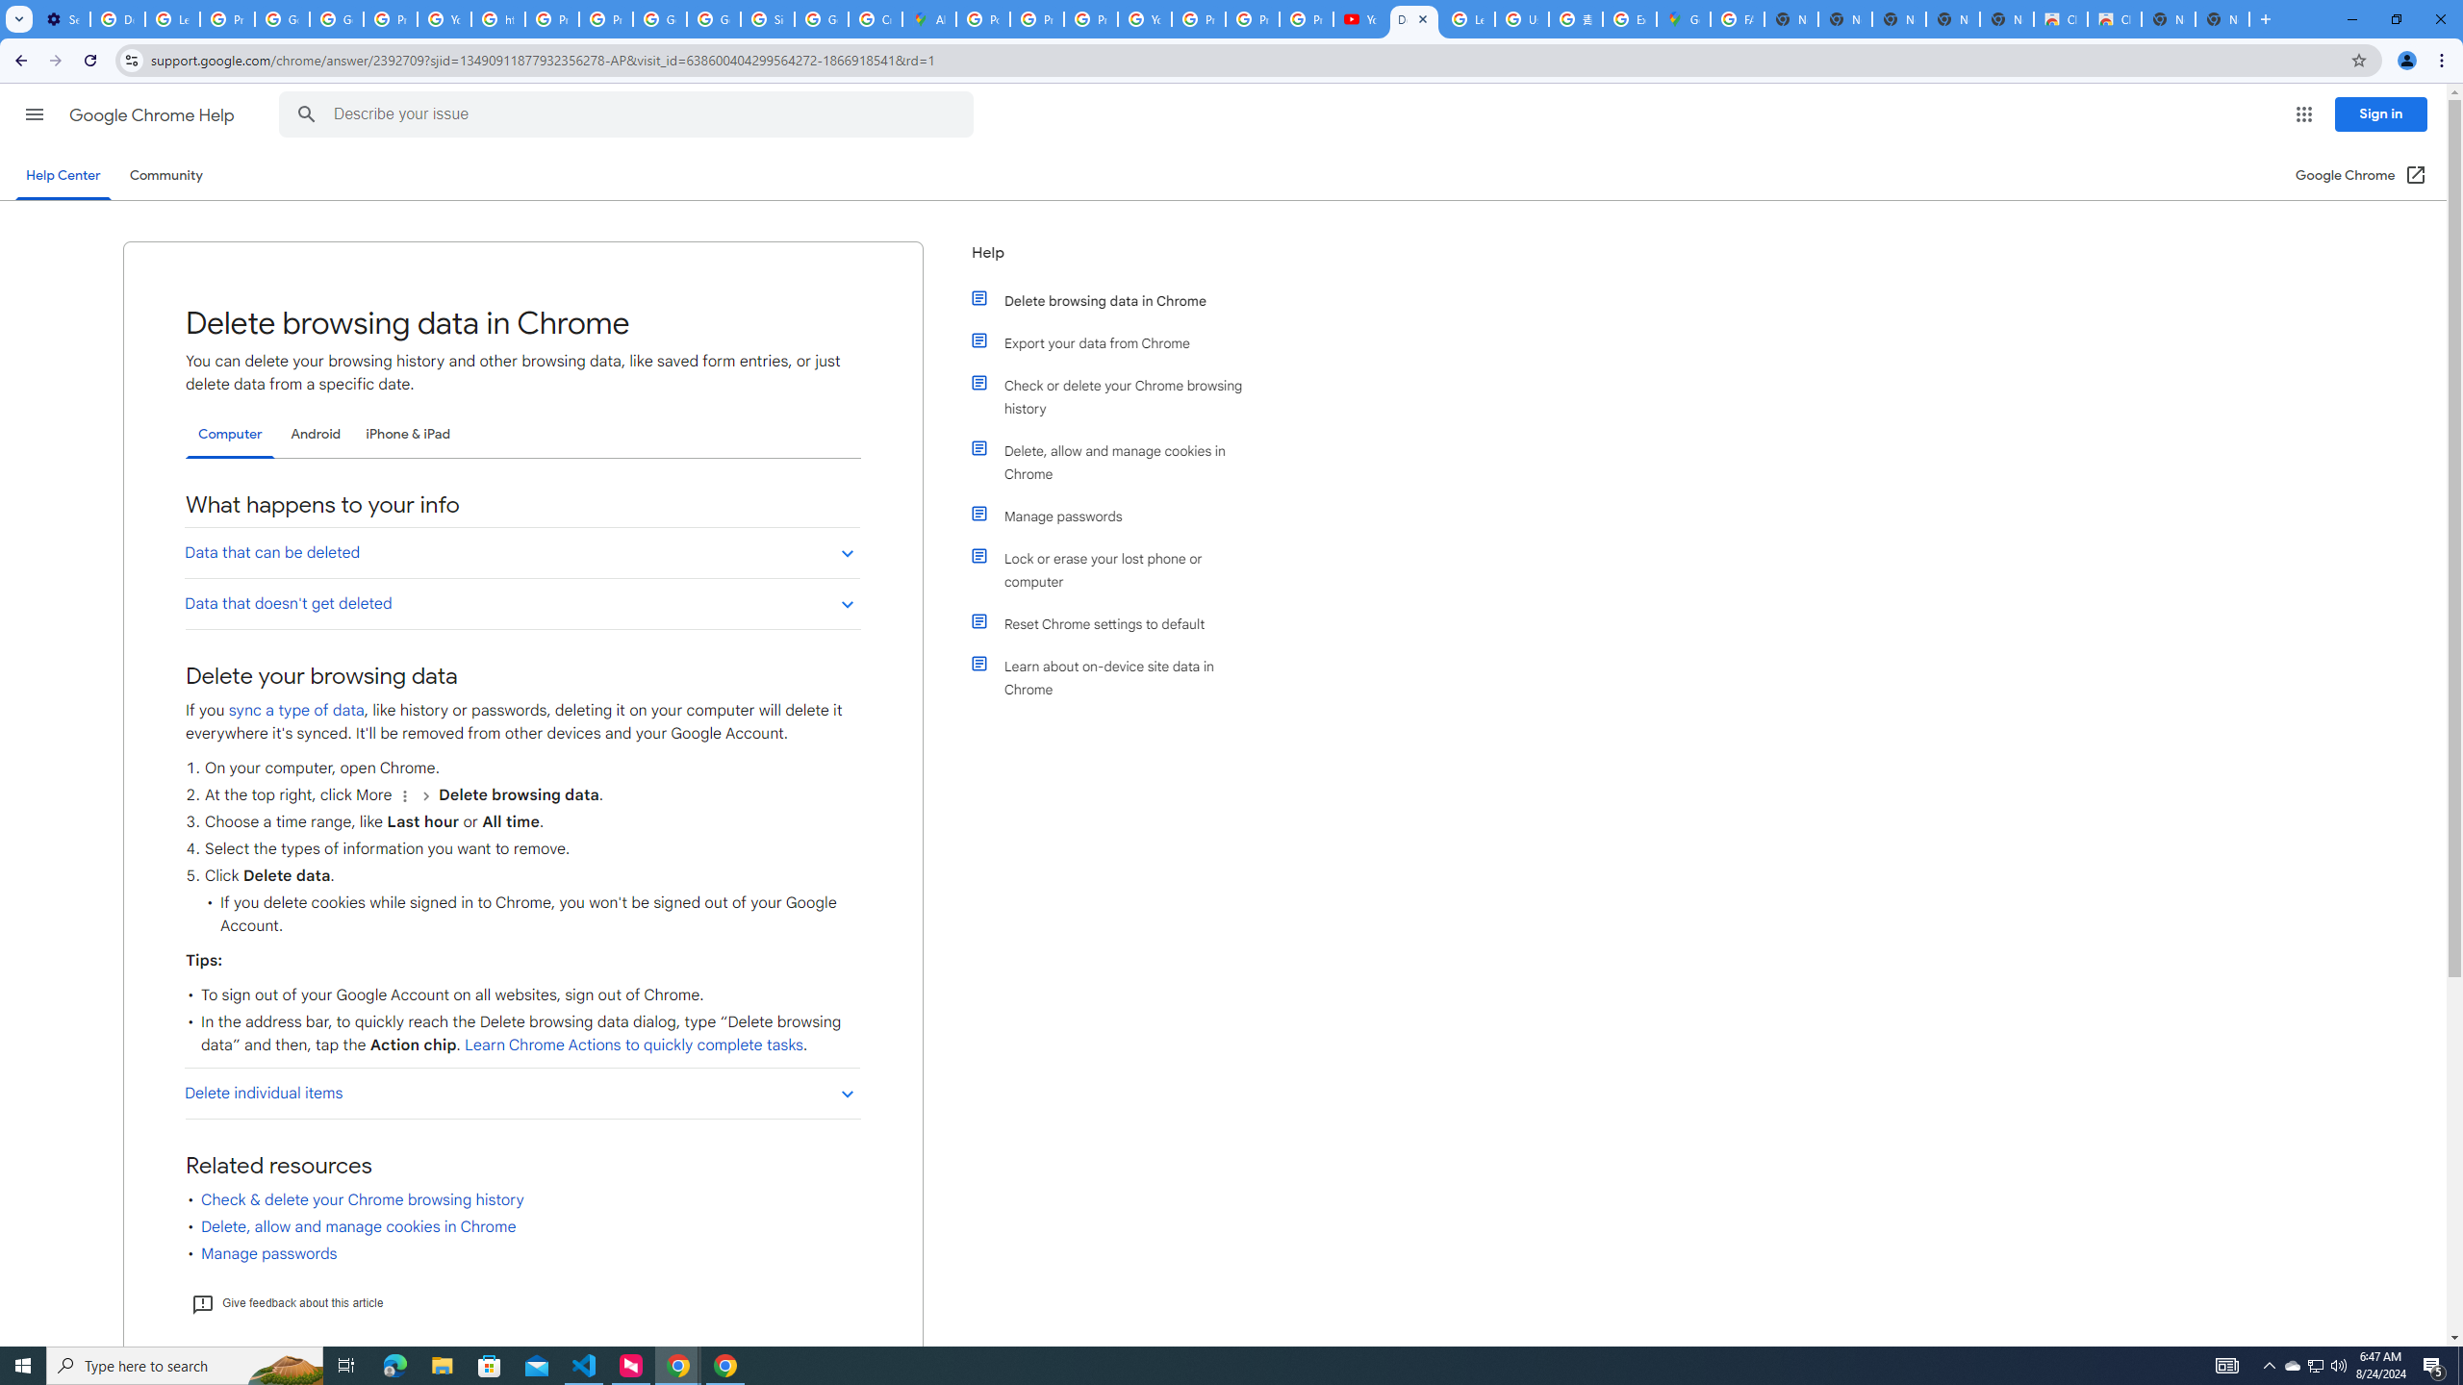 The height and width of the screenshot is (1385, 2463). I want to click on 'Help Center', so click(63, 174).